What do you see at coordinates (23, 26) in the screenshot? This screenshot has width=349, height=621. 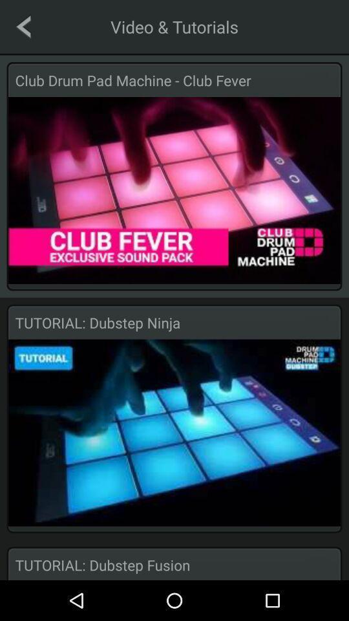 I see `the icon to the left of the video & tutorials app` at bounding box center [23, 26].